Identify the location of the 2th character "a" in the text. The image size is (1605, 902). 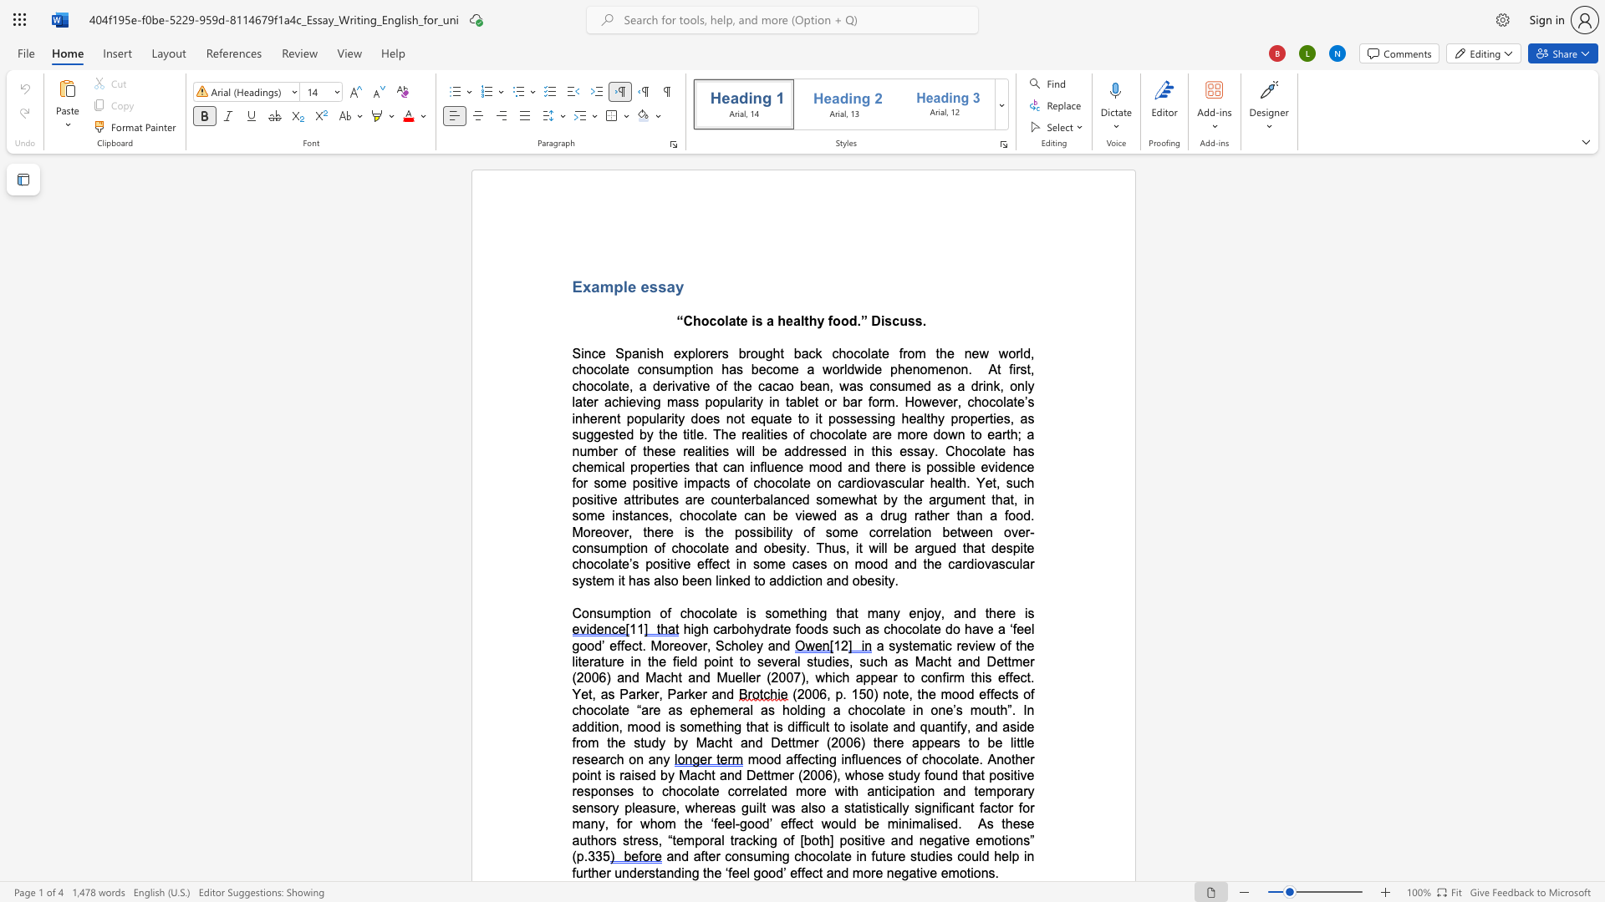
(670, 286).